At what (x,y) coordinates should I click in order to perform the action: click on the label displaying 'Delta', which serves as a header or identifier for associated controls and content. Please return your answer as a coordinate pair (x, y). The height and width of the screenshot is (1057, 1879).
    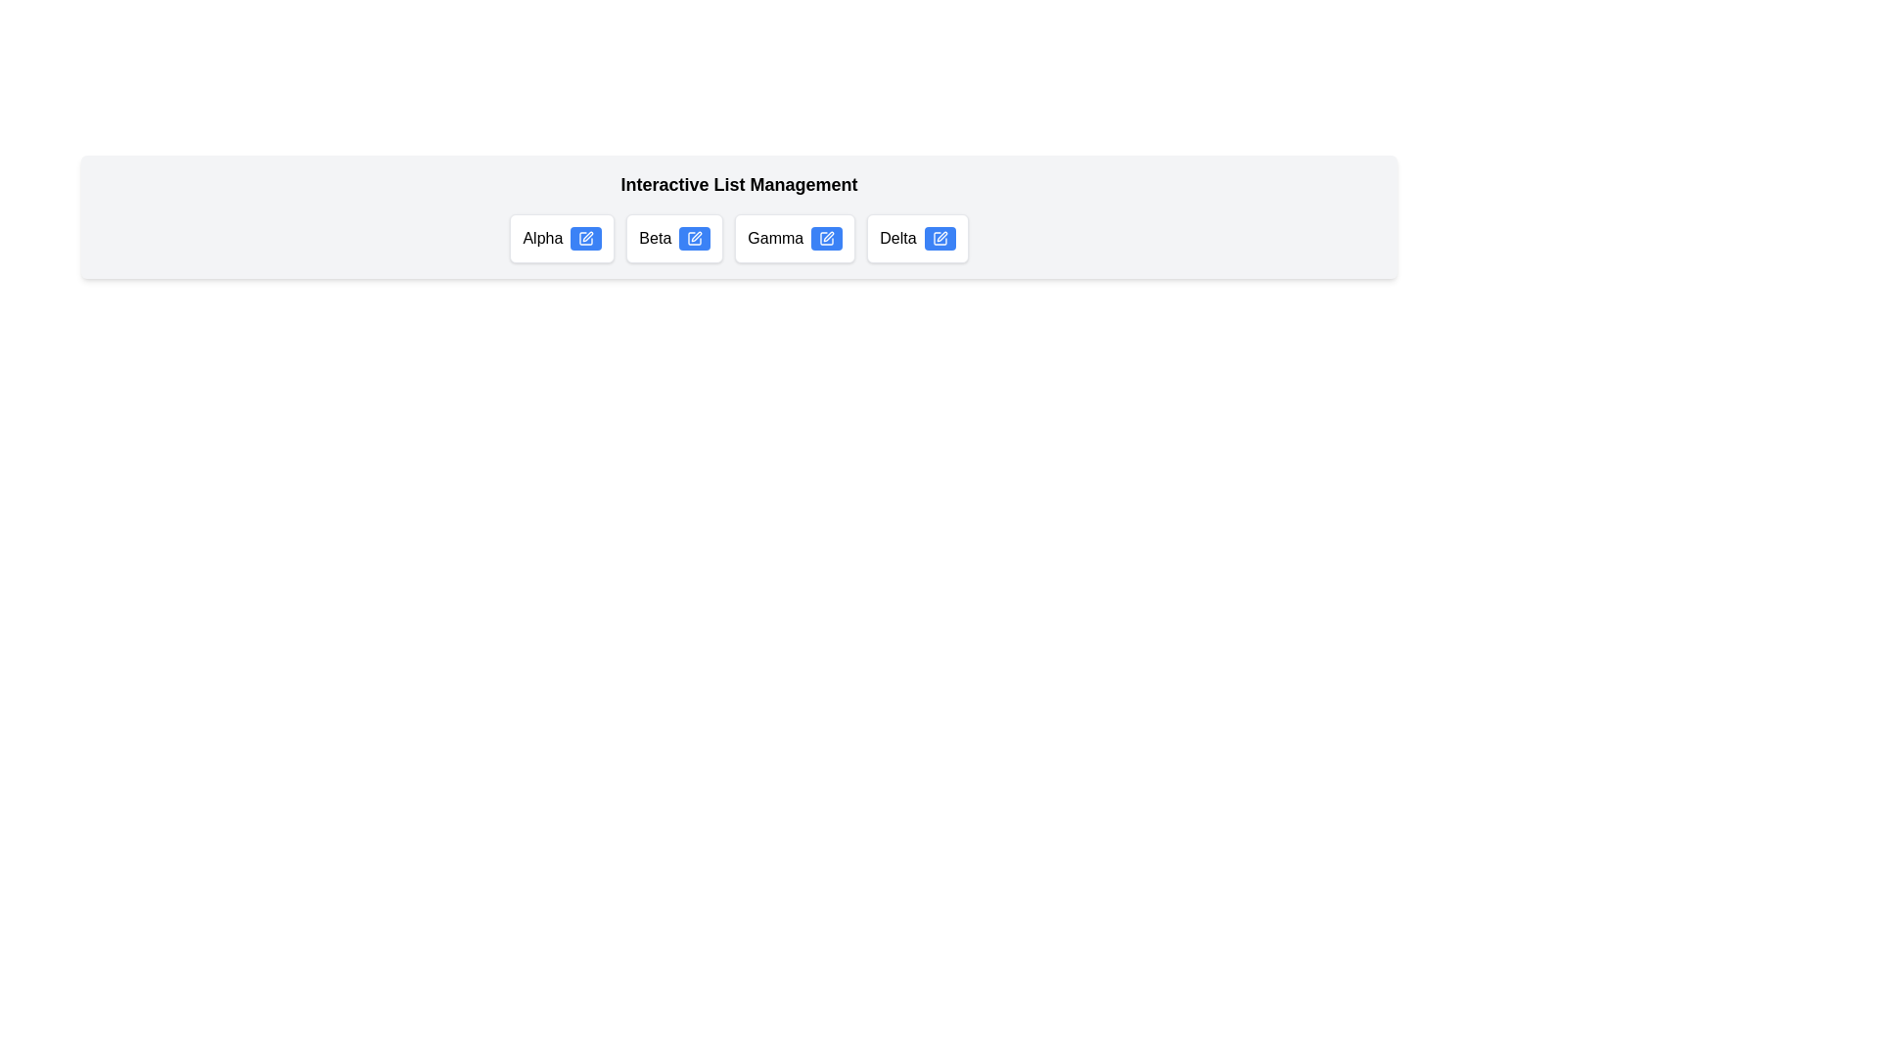
    Looking at the image, I should click on (896, 237).